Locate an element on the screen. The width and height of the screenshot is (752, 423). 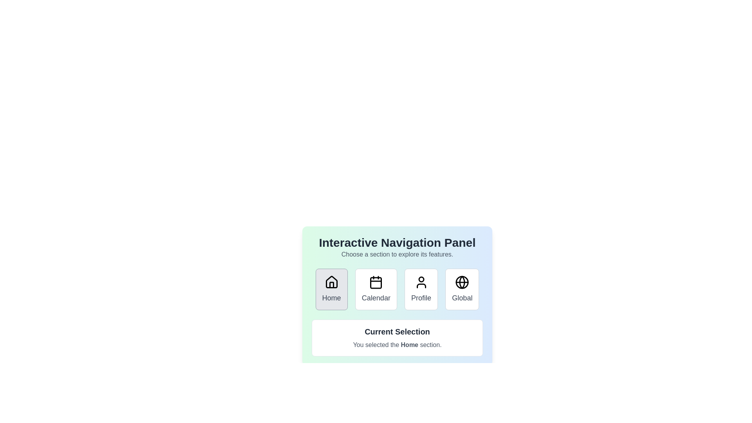
SVG properties of the house silhouette element located within the 'Home' button of the navigation panel is located at coordinates (331, 282).